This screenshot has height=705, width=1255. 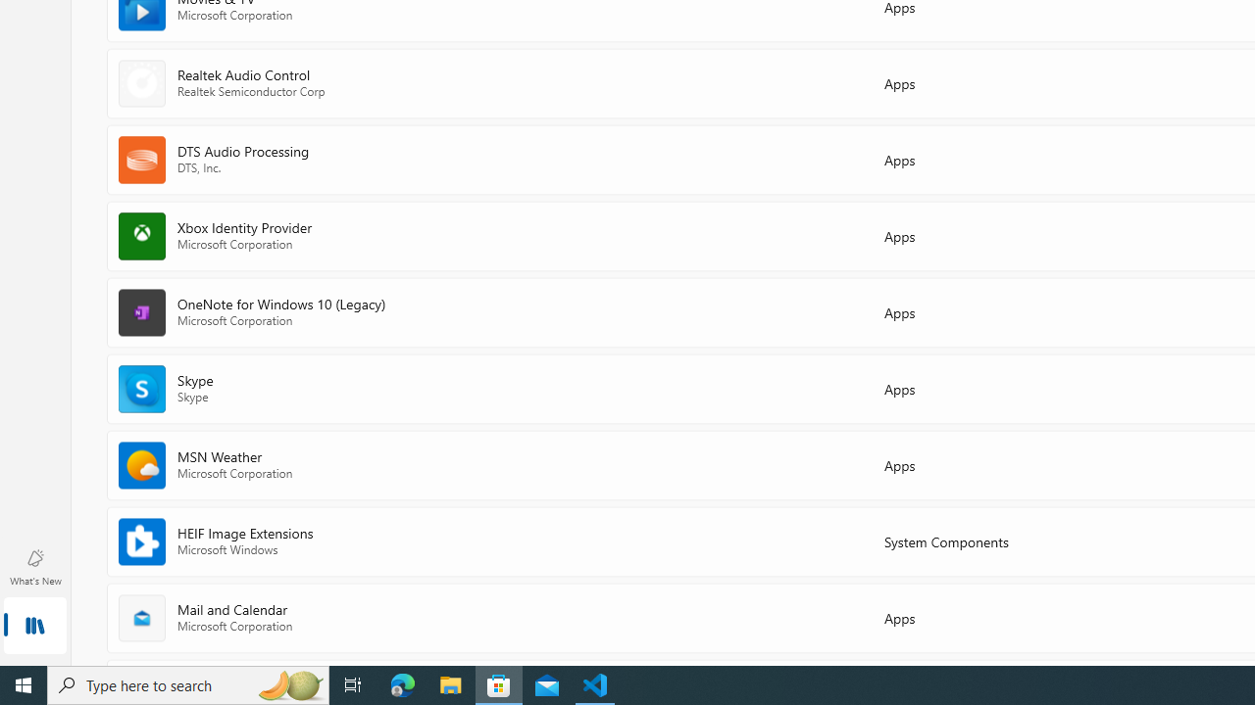 What do you see at coordinates (34, 627) in the screenshot?
I see `'Library'` at bounding box center [34, 627].